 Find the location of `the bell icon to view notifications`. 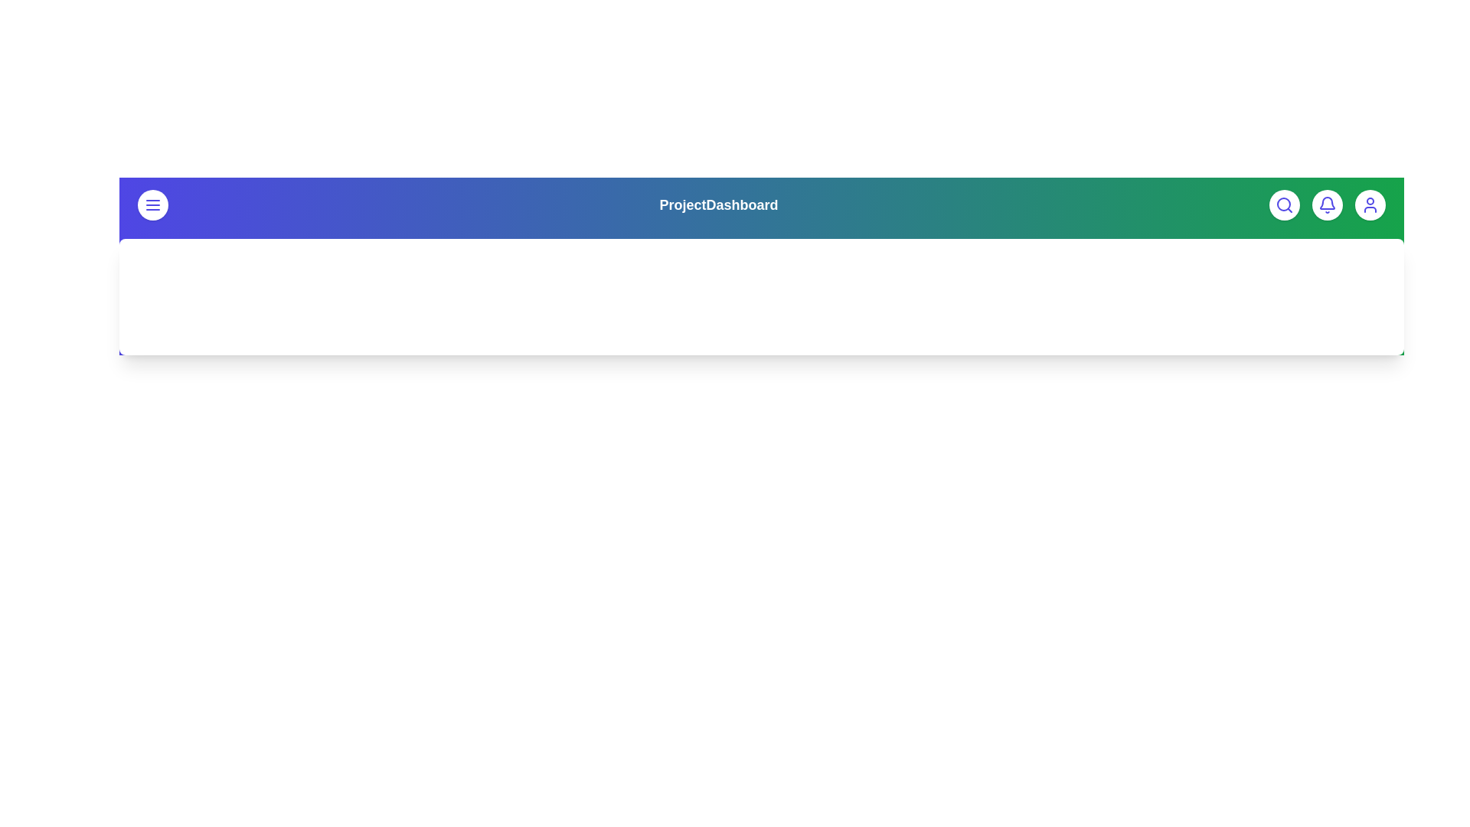

the bell icon to view notifications is located at coordinates (1326, 204).